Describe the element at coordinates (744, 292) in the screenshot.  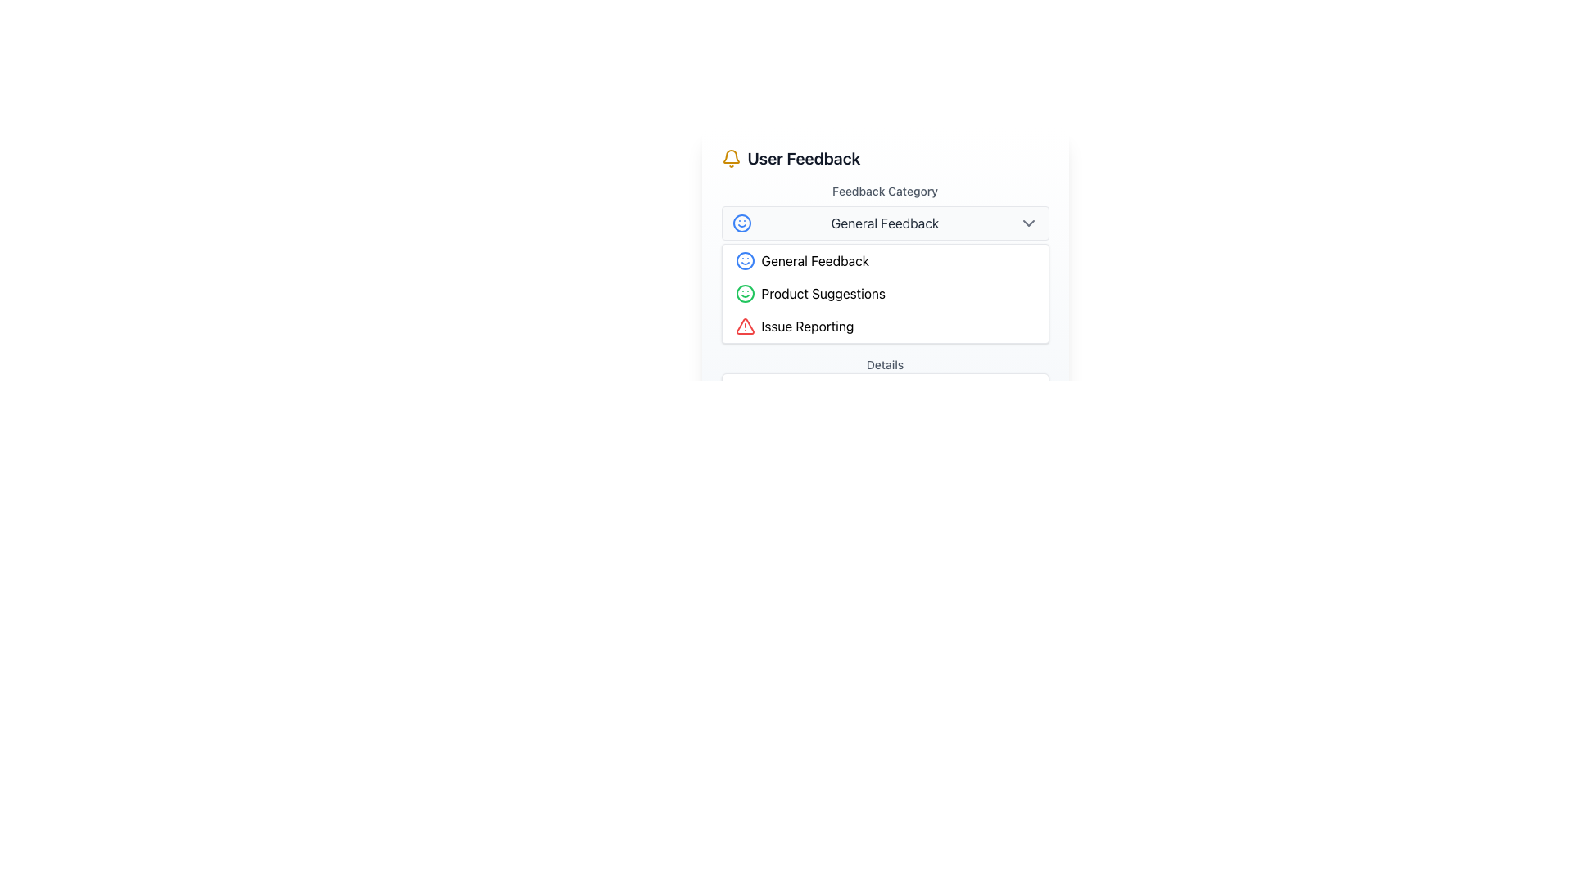
I see `the Decorative SVG circle at the center of the green smiley face icon located near the top-left of the dropdown menu for selecting feedback categories` at that location.